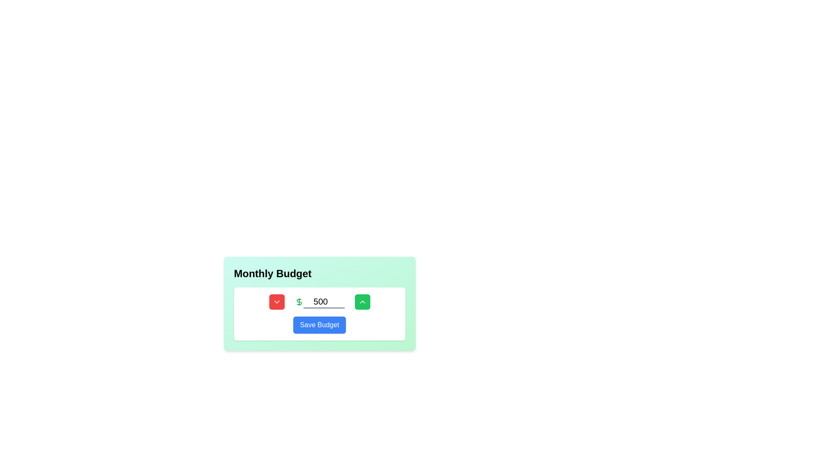  What do you see at coordinates (362, 301) in the screenshot?
I see `the Chevron up icon within the green button` at bounding box center [362, 301].